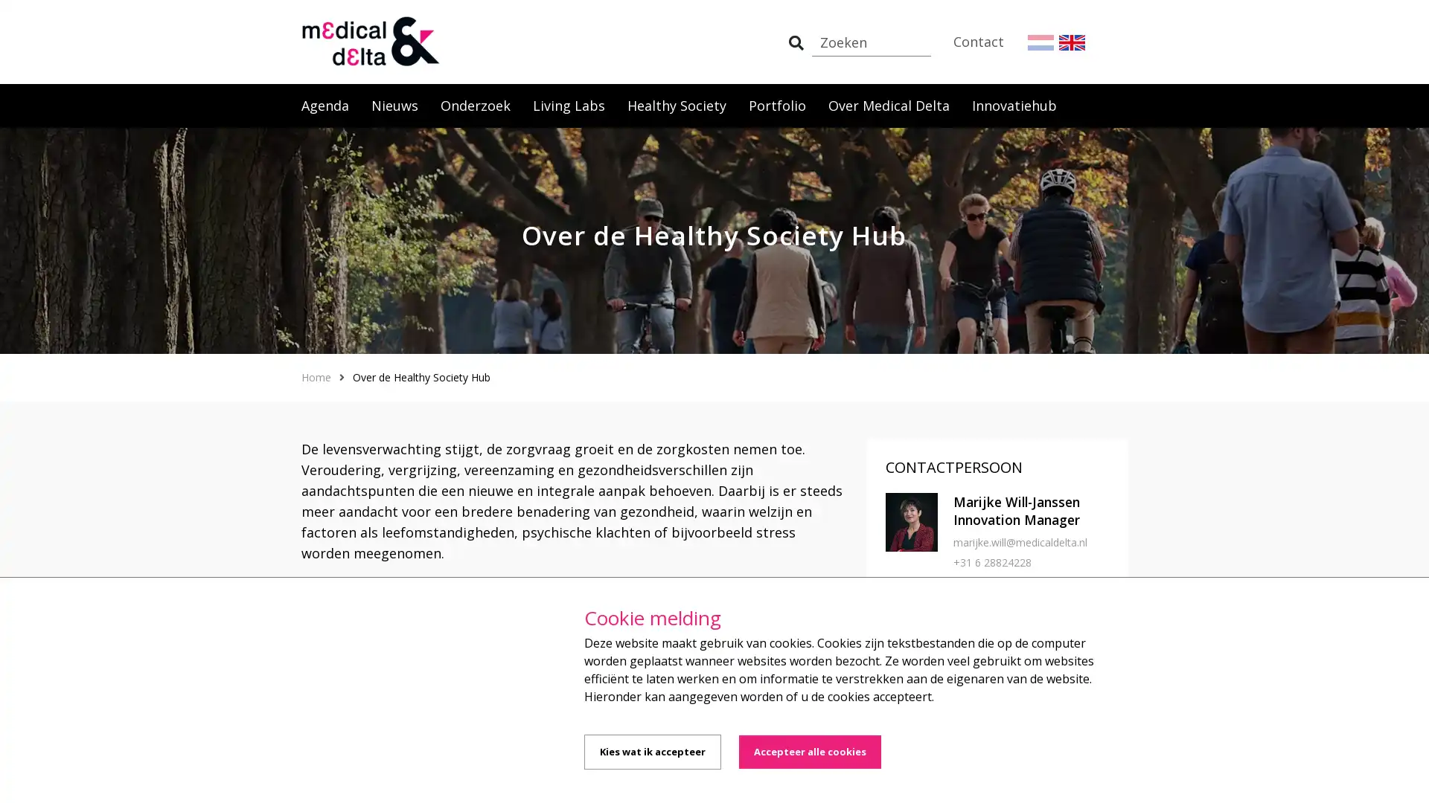  Describe the element at coordinates (653, 752) in the screenshot. I see `Kies wat ik accepteer` at that location.